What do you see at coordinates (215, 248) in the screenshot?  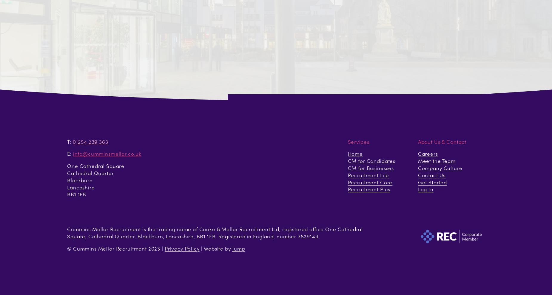 I see `'| Website by'` at bounding box center [215, 248].